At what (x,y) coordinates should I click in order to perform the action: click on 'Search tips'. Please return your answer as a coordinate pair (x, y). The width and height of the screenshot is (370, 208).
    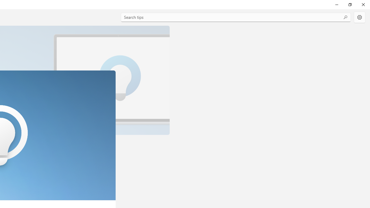
    Looking at the image, I should click on (236, 17).